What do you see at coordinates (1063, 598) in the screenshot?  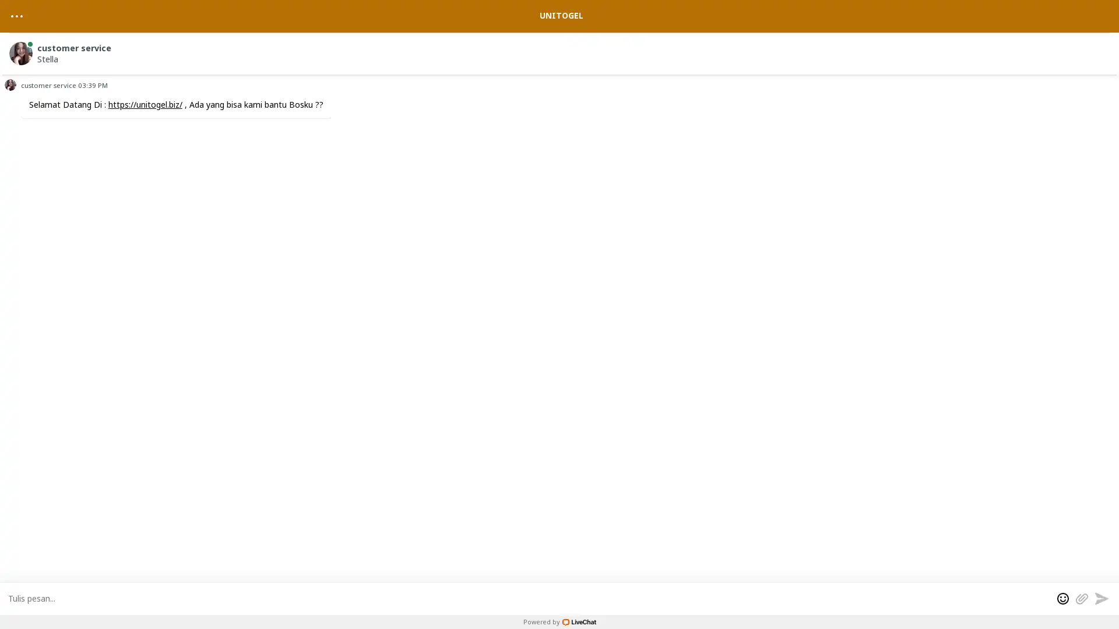 I see `open emoji picker` at bounding box center [1063, 598].